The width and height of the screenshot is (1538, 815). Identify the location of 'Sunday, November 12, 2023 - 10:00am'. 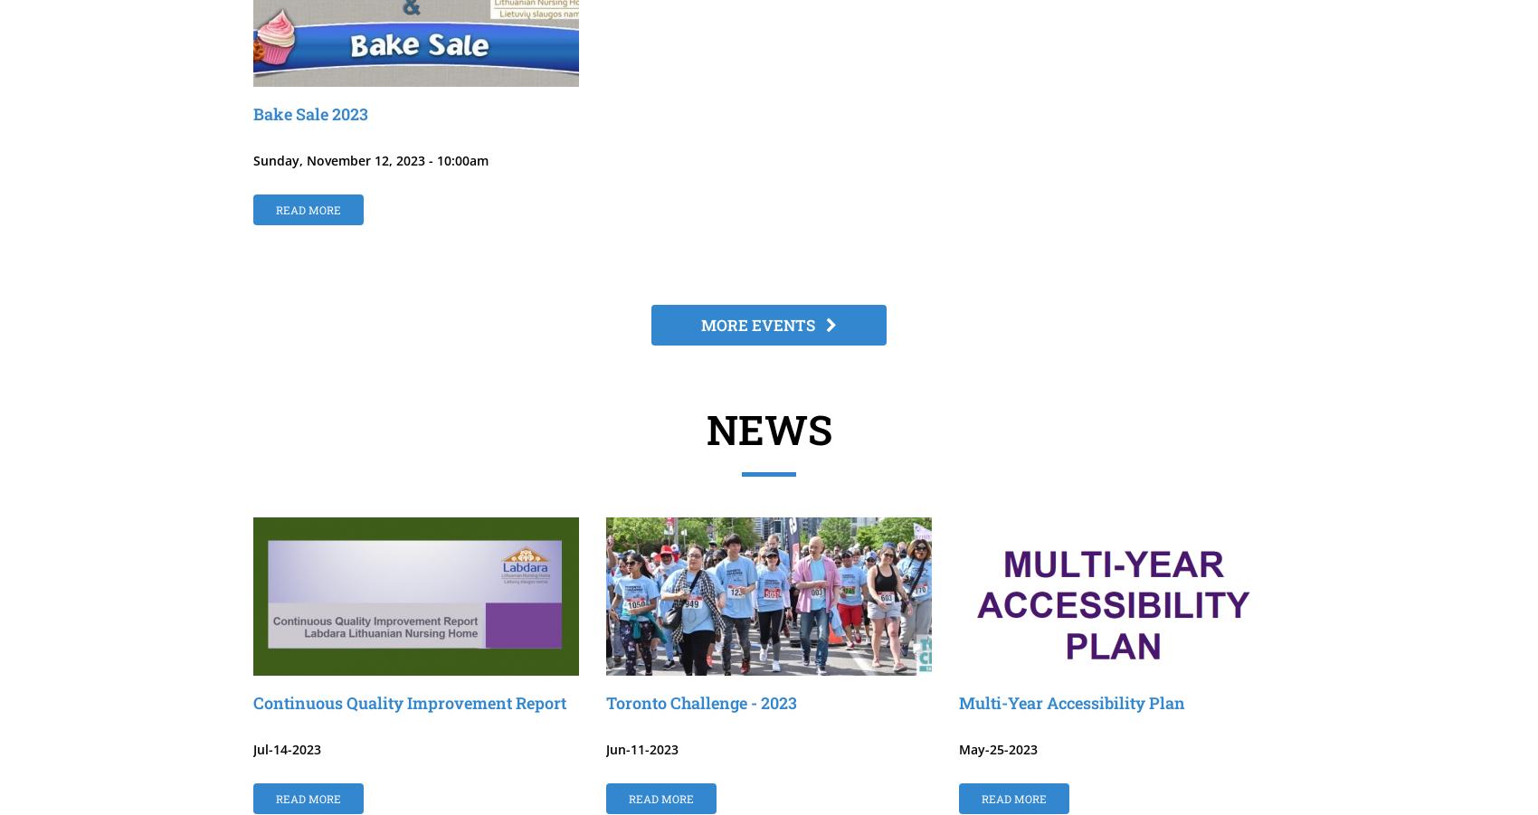
(370, 160).